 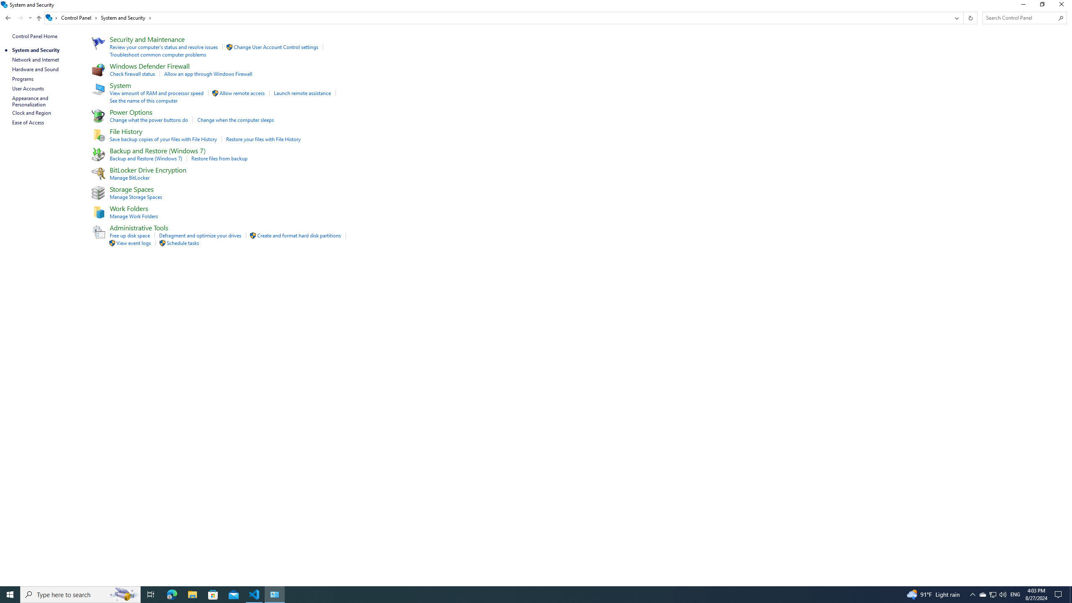 I want to click on 'Allow an app through Windows Firewall', so click(x=208, y=74).